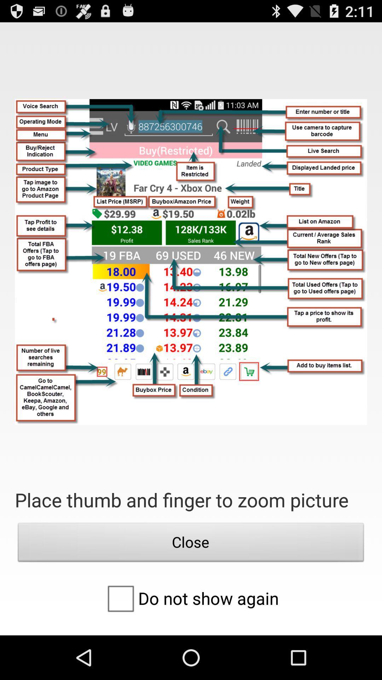  I want to click on the close item, so click(191, 544).